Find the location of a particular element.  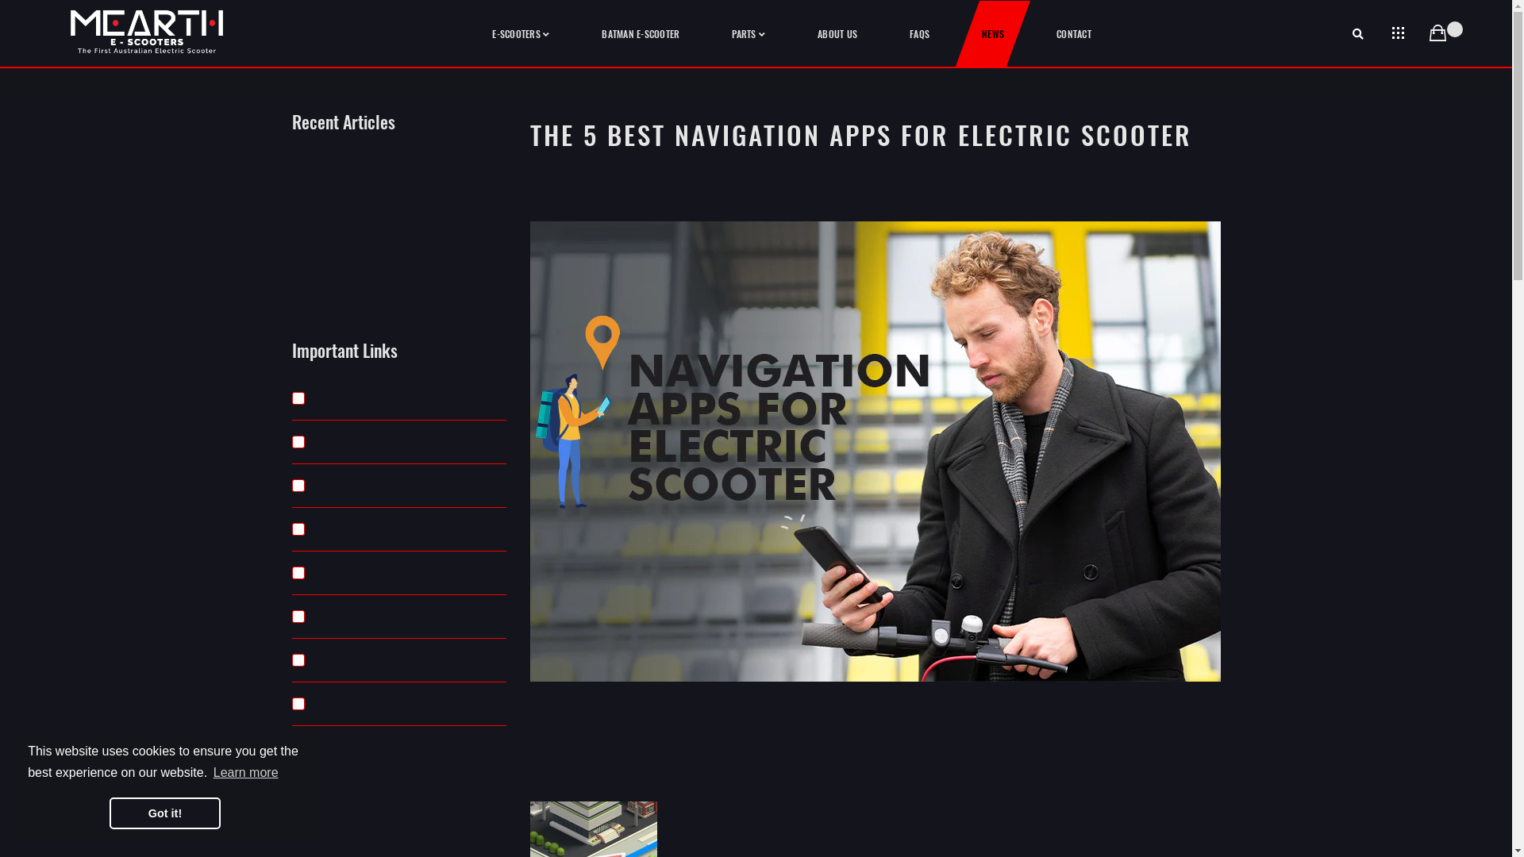

'0' is located at coordinates (1437, 33).